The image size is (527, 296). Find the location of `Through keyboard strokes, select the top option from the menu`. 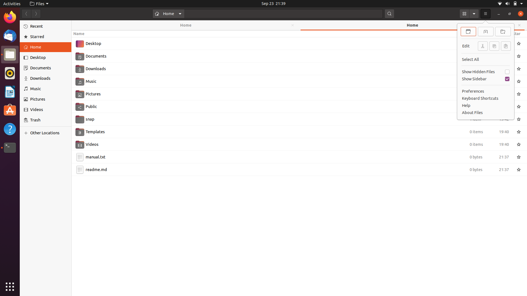

Through keyboard strokes, select the top option from the menu is located at coordinates (486, 13).